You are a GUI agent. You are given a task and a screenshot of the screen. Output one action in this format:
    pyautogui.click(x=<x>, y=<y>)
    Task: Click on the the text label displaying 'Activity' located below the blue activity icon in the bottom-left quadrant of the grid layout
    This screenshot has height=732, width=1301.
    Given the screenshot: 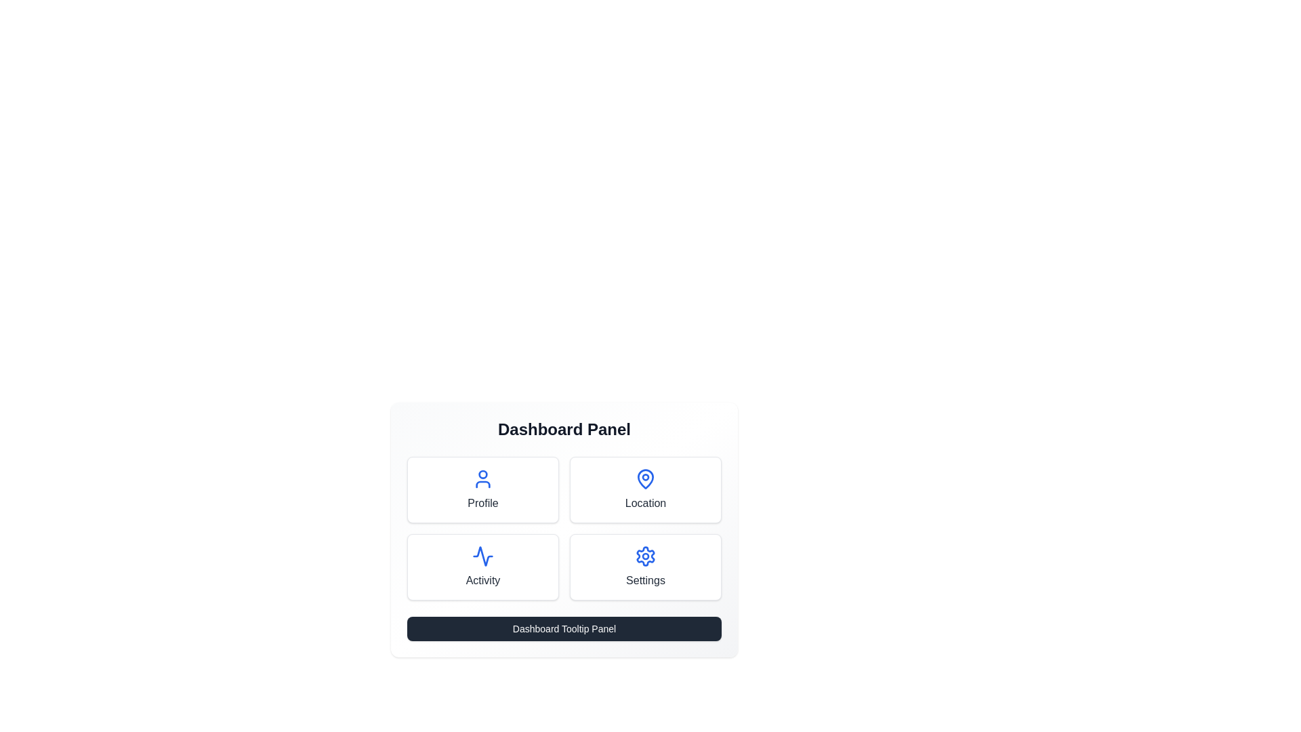 What is the action you would take?
    pyautogui.click(x=482, y=579)
    